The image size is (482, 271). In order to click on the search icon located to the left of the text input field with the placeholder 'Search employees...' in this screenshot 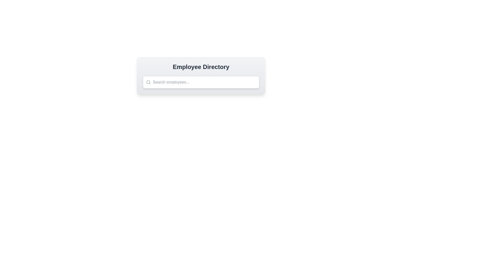, I will do `click(148, 82)`.